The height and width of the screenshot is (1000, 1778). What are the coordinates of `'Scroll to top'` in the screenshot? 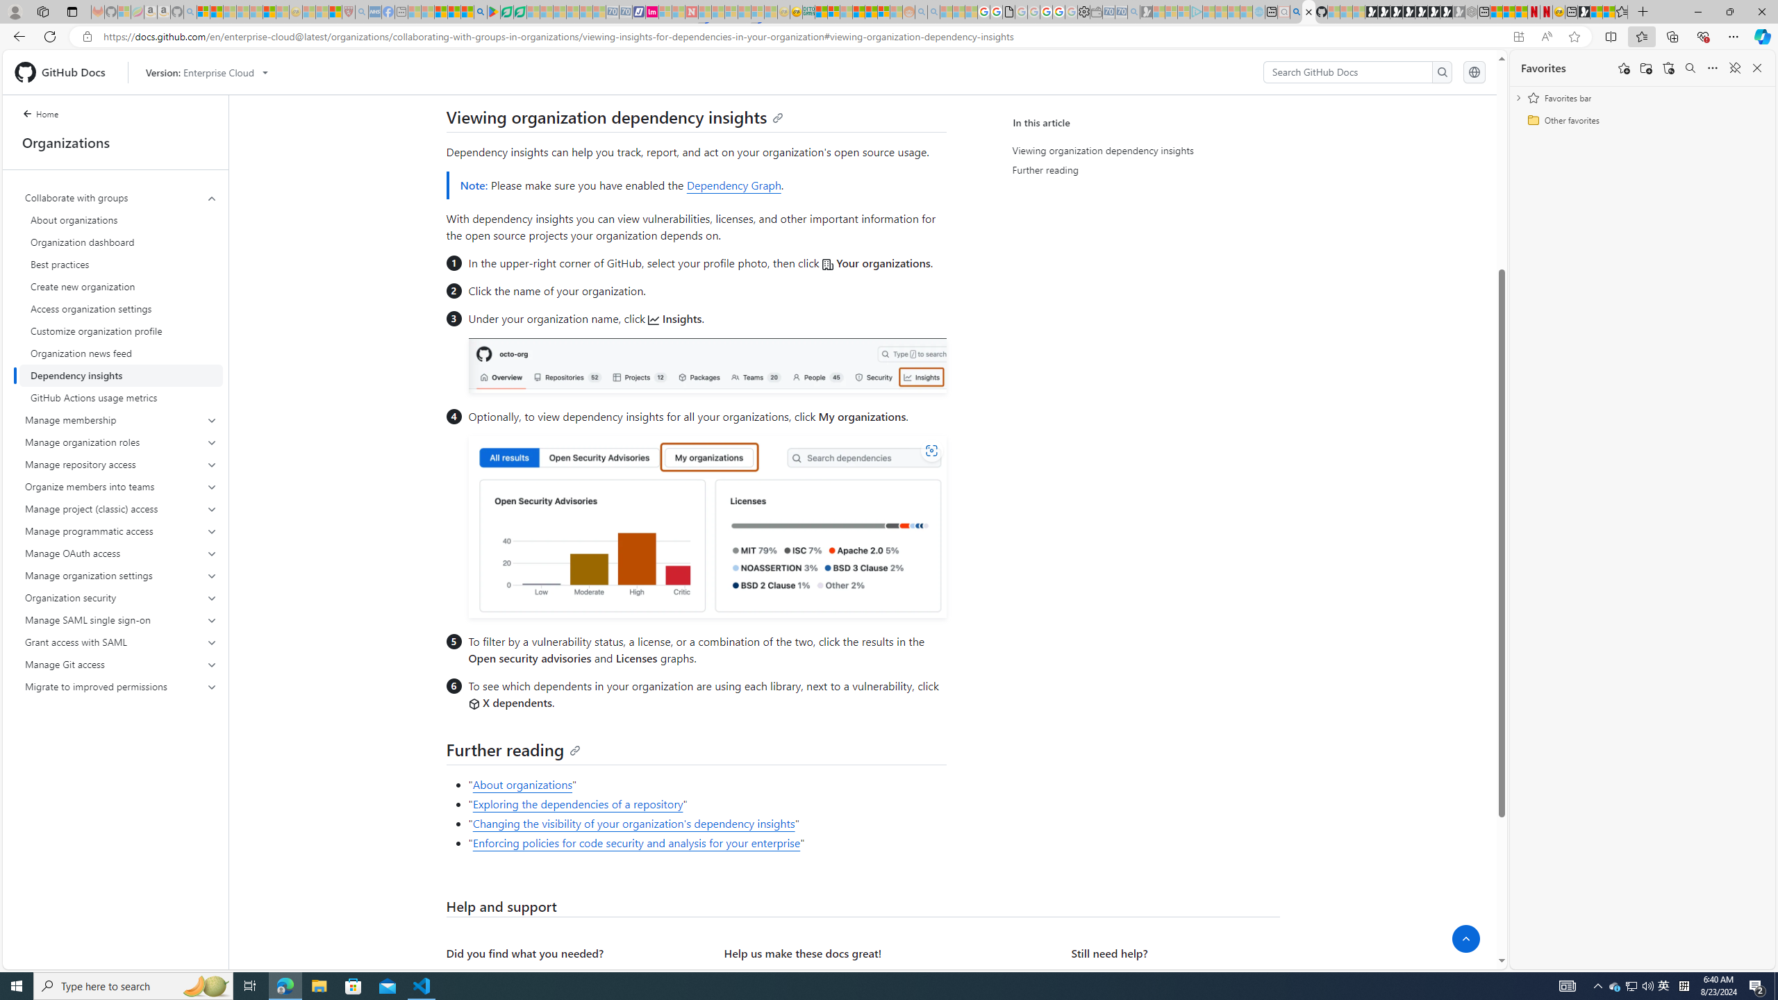 It's located at (1465, 938).